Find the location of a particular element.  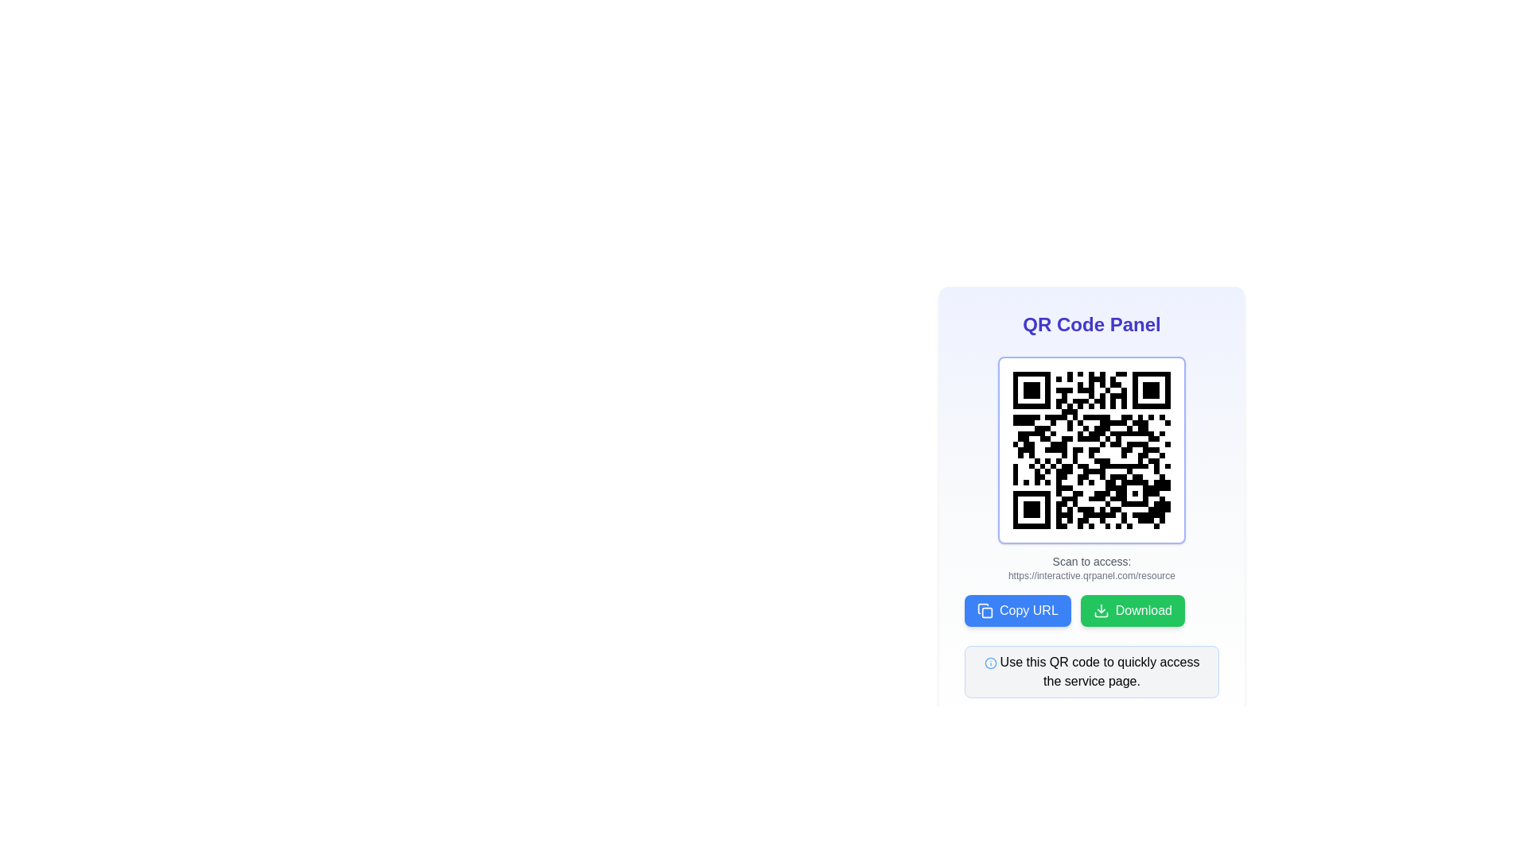

the copy icon button, which is a blue square-overlapping-square glyph located to the left of the 'Copy URL' text is located at coordinates (984, 609).